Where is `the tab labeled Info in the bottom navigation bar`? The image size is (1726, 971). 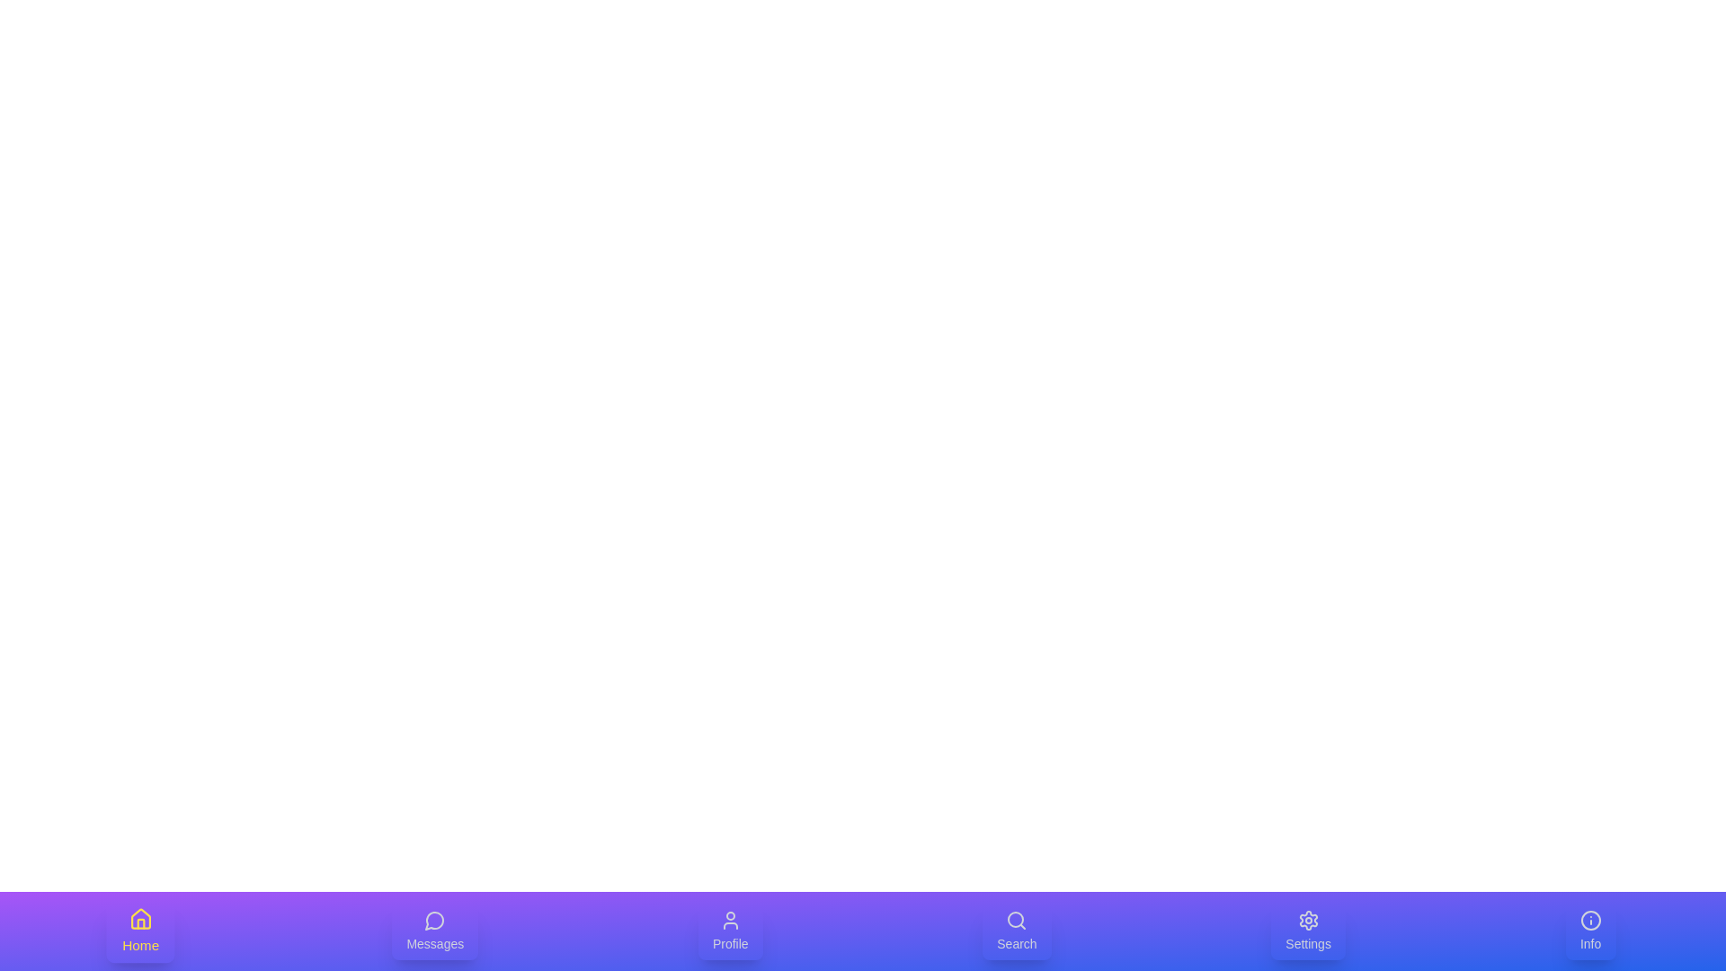
the tab labeled Info in the bottom navigation bar is located at coordinates (1590, 931).